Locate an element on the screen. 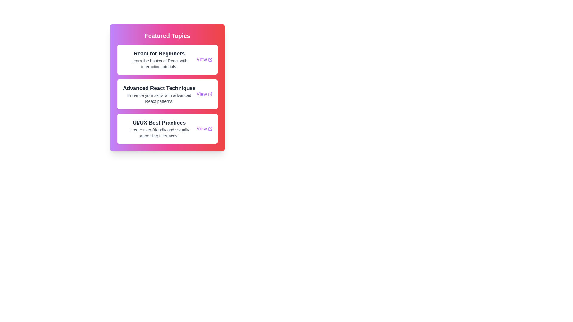  the informational component that provides details about 'UI/UX Best Practices,' which is the third item in a vertical list of boxes is located at coordinates (159, 129).